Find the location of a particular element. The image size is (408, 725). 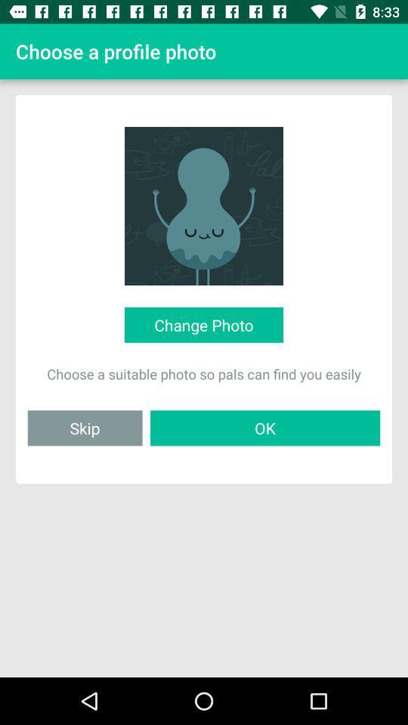

the item below the choose a suitable icon is located at coordinates (264, 427).